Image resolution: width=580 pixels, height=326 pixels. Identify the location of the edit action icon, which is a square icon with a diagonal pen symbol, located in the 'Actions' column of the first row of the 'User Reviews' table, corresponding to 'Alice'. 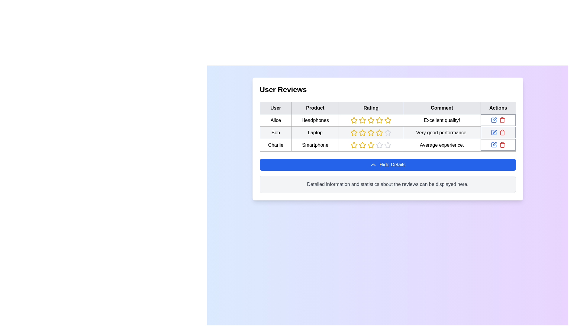
(494, 120).